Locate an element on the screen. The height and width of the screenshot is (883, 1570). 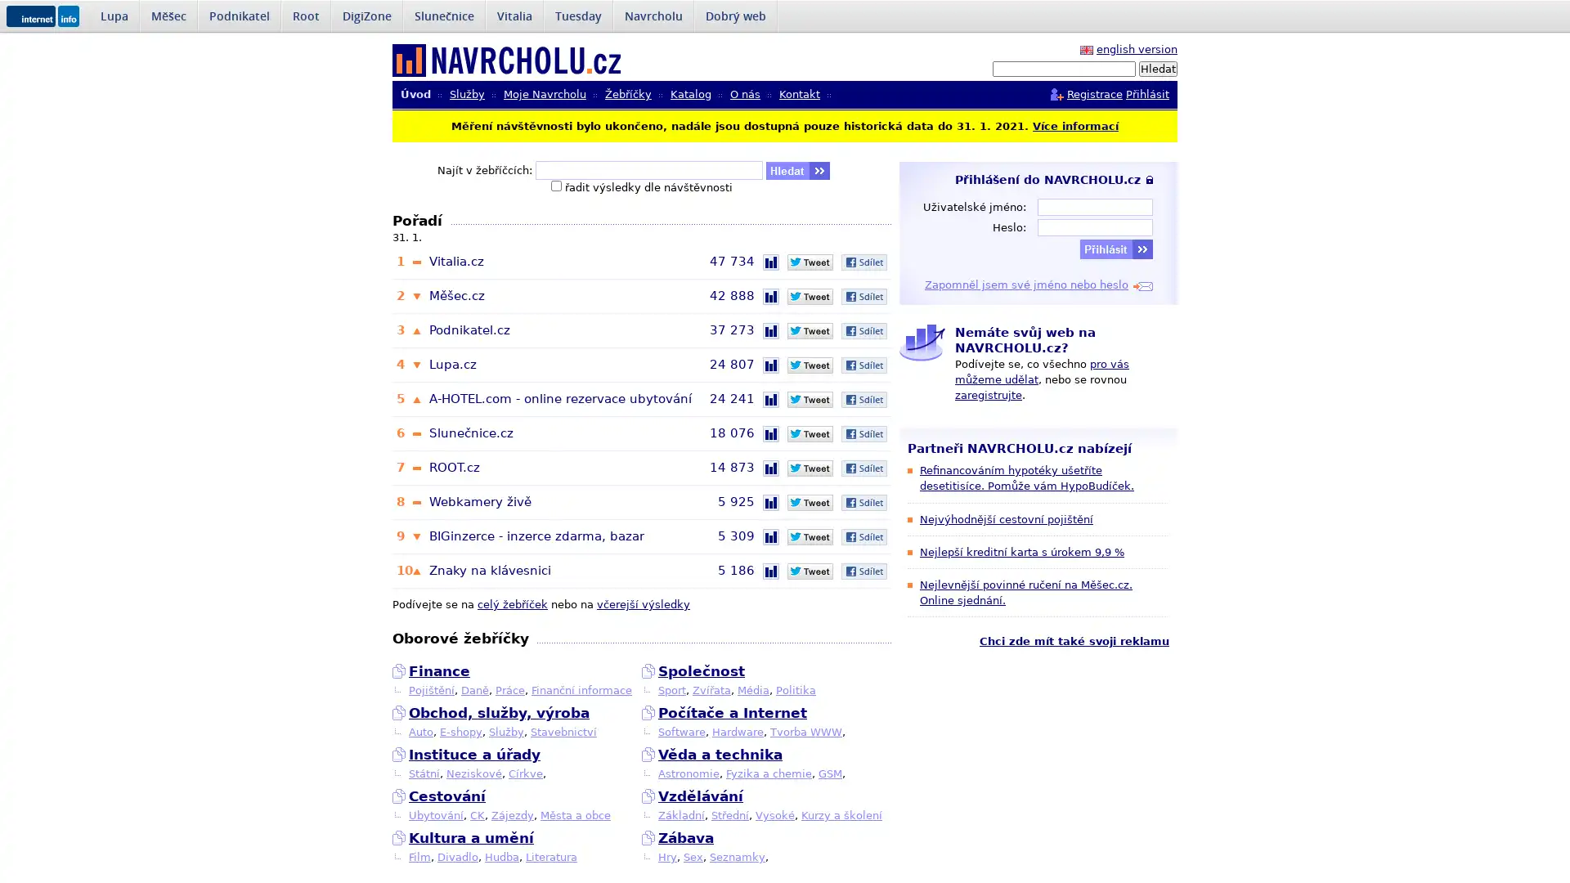
Hledat is located at coordinates (797, 170).